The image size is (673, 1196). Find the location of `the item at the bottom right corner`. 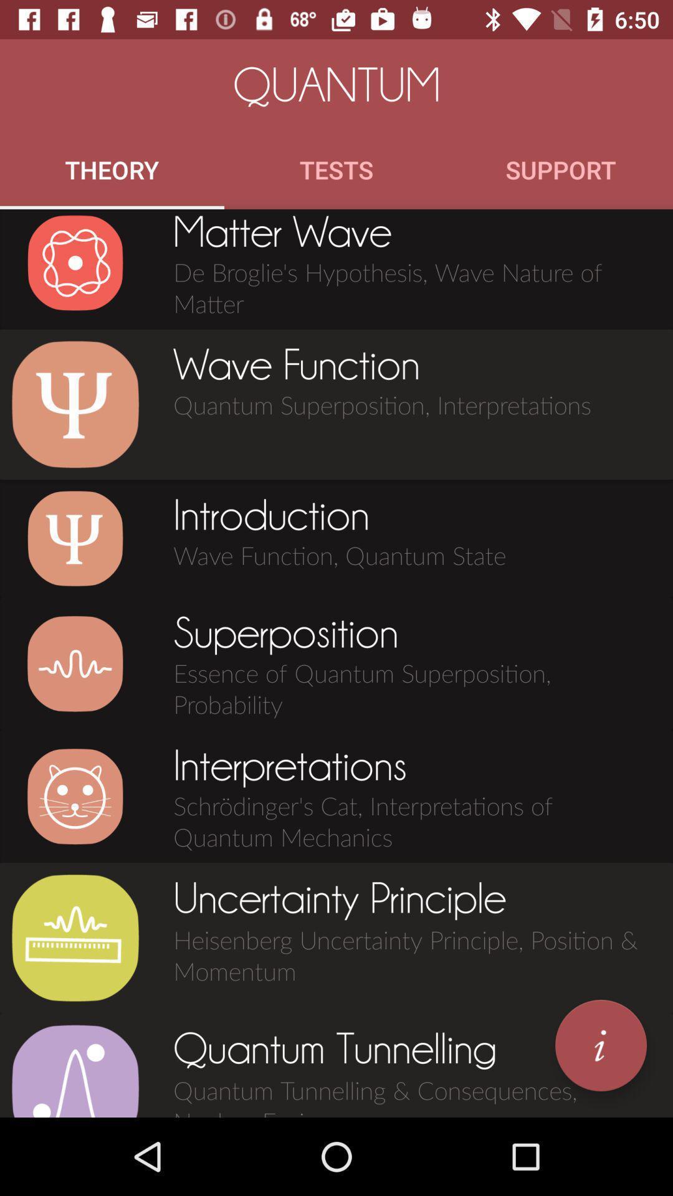

the item at the bottom right corner is located at coordinates (600, 1045).